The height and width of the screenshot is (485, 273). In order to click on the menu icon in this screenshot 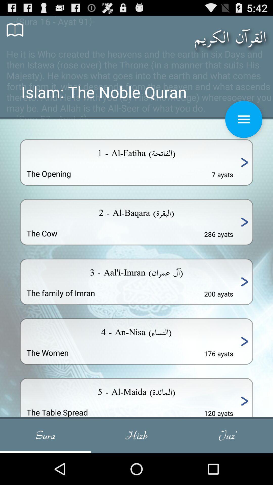, I will do `click(243, 128)`.